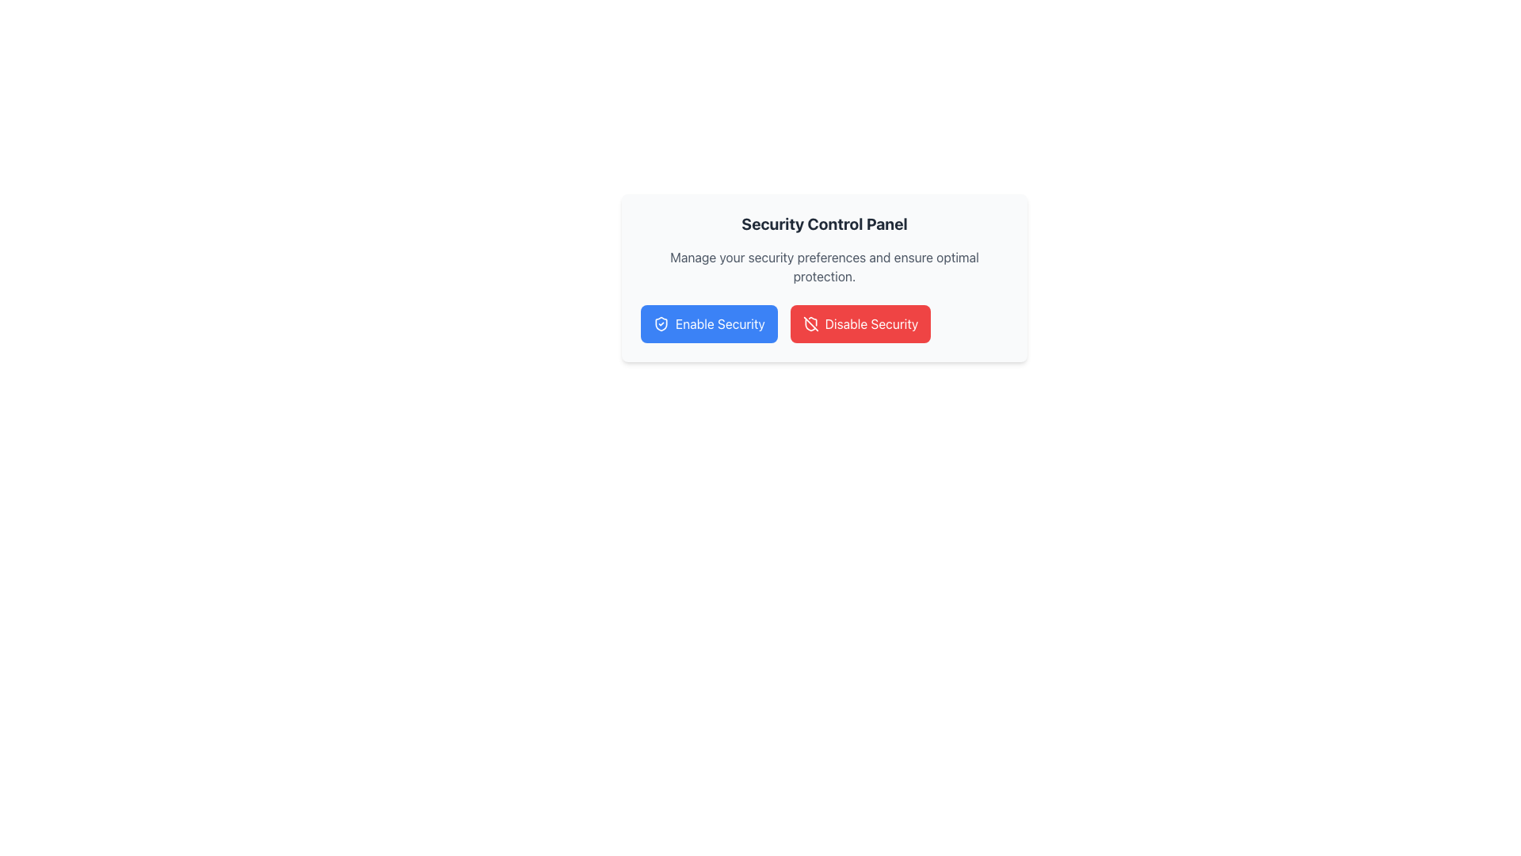 The image size is (1521, 856). Describe the element at coordinates (810, 323) in the screenshot. I see `the SVG Icon for the 'Disable Security' action, which is located to the left of the button's text and centered vertically within the button` at that location.